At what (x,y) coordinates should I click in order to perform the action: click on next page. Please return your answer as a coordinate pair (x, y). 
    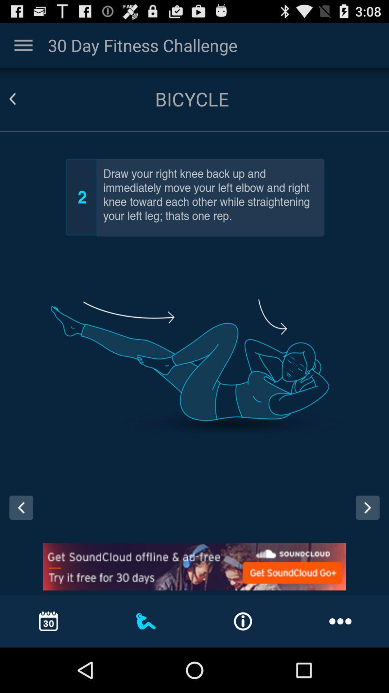
    Looking at the image, I should click on (367, 507).